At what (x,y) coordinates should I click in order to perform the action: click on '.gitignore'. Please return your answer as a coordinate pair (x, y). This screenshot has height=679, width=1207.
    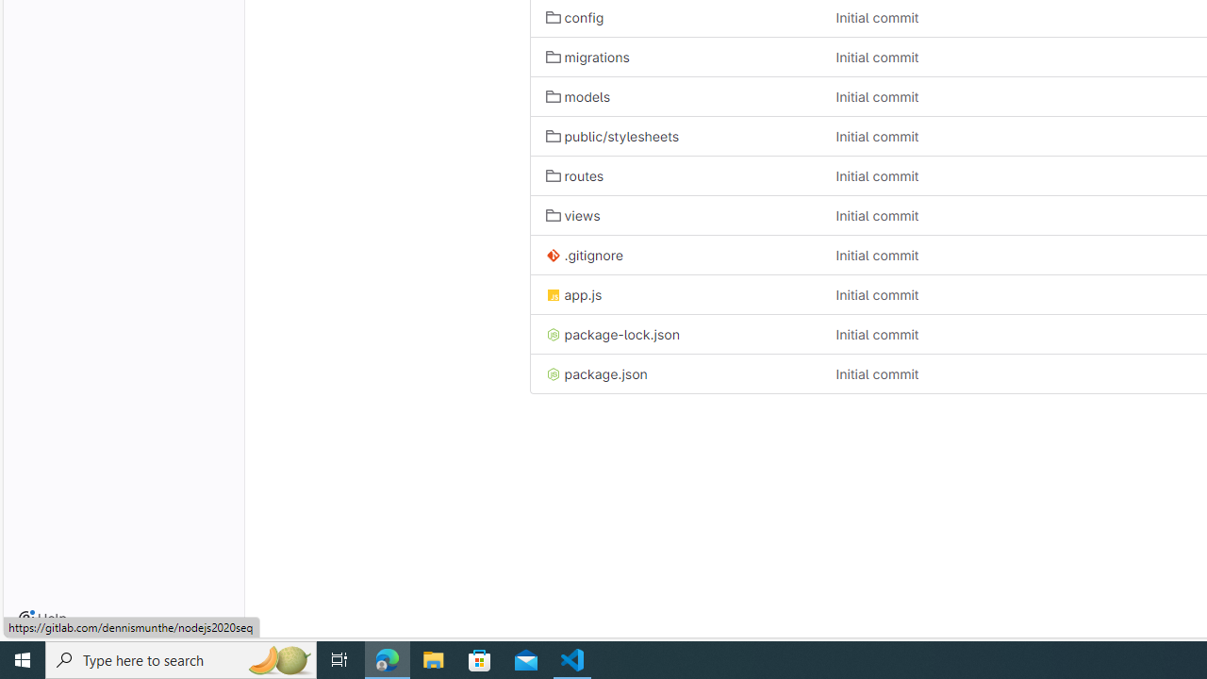
    Looking at the image, I should click on (675, 255).